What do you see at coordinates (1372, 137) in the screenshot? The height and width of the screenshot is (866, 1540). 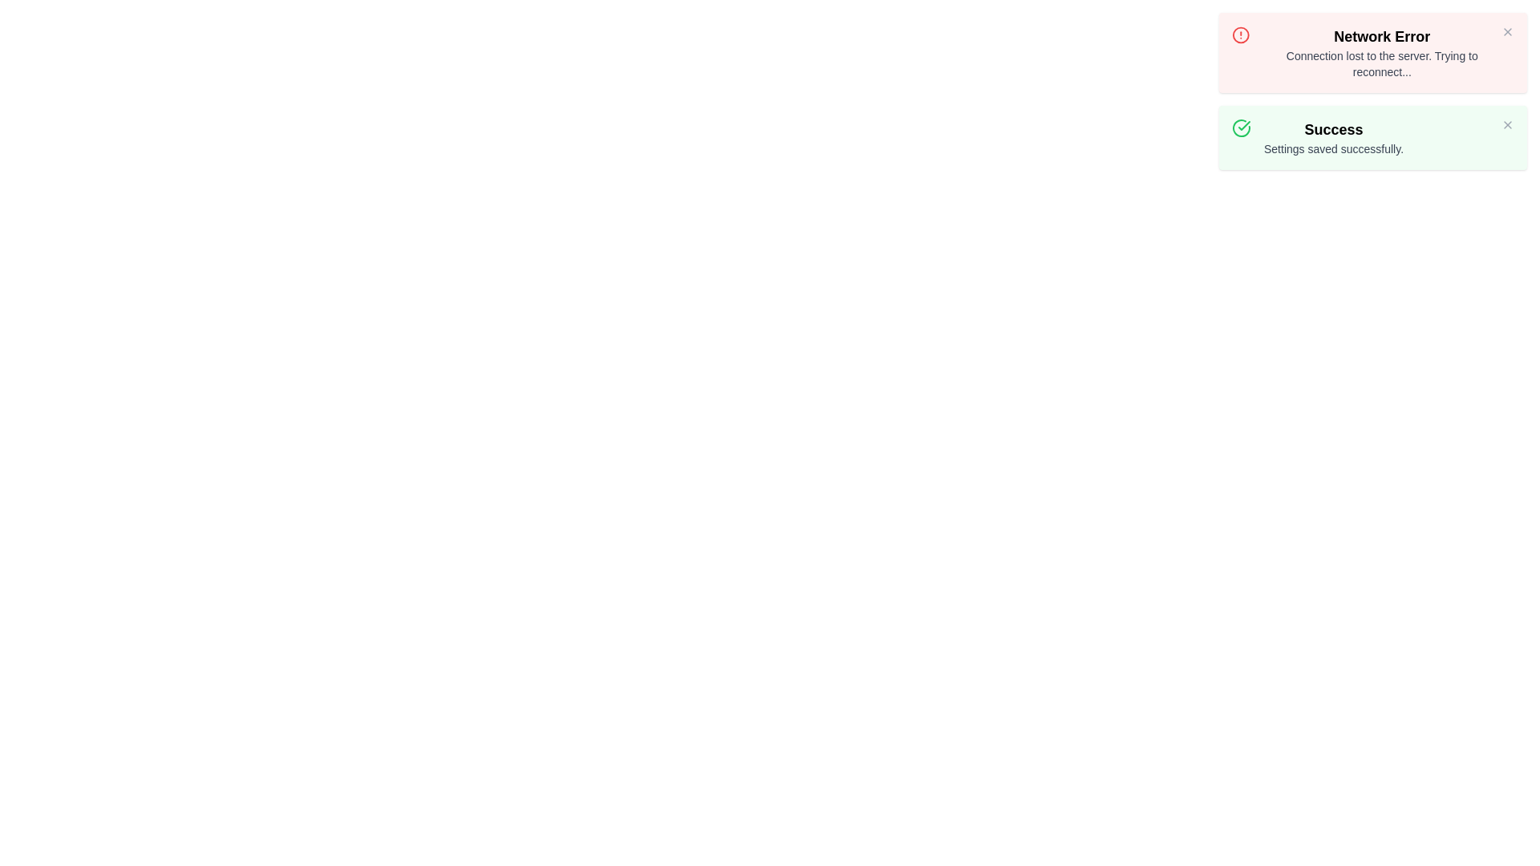 I see `notification message box indicating success, which has a light green background and contains the title 'Success' and the message 'Settings saved successfully.'` at bounding box center [1372, 137].